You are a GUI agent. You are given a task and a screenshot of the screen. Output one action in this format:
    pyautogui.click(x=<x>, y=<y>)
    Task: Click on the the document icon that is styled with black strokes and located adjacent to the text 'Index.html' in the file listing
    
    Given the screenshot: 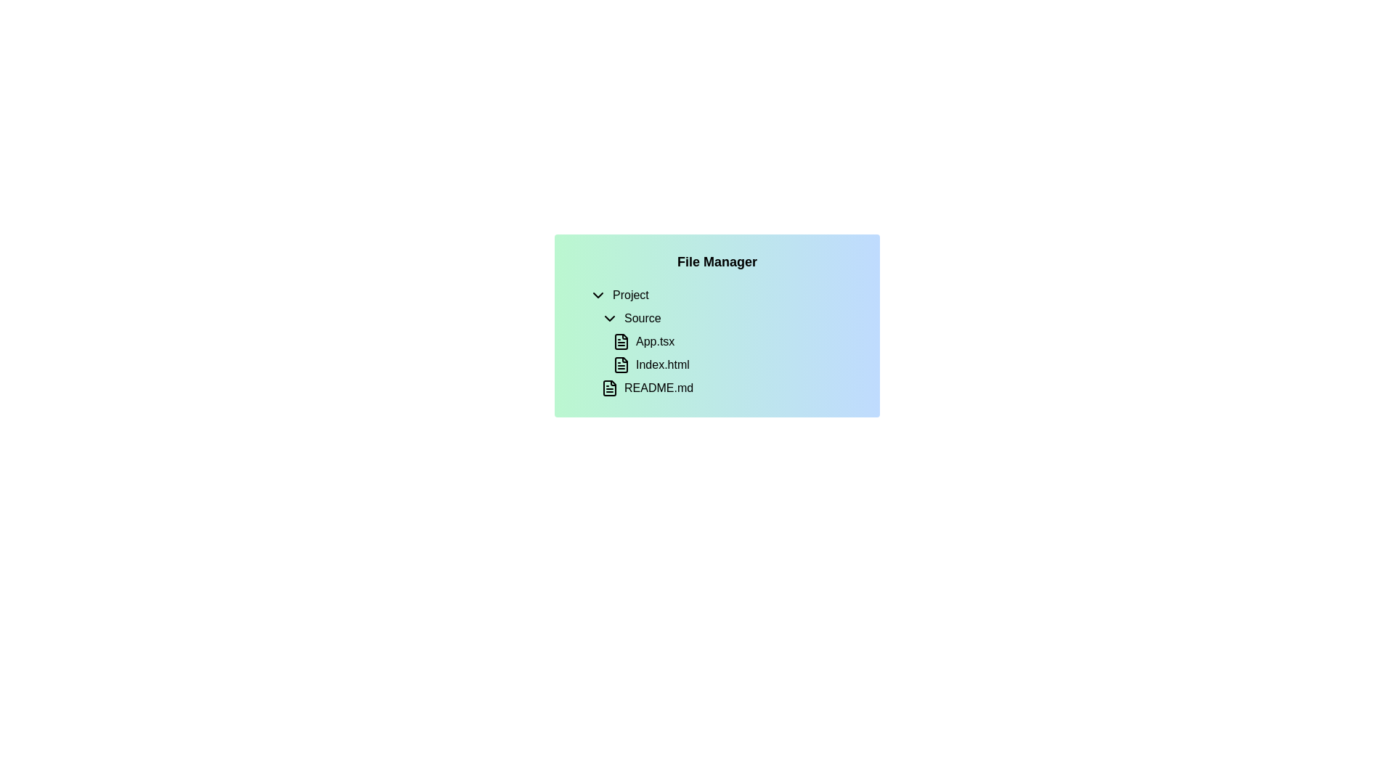 What is the action you would take?
    pyautogui.click(x=621, y=364)
    